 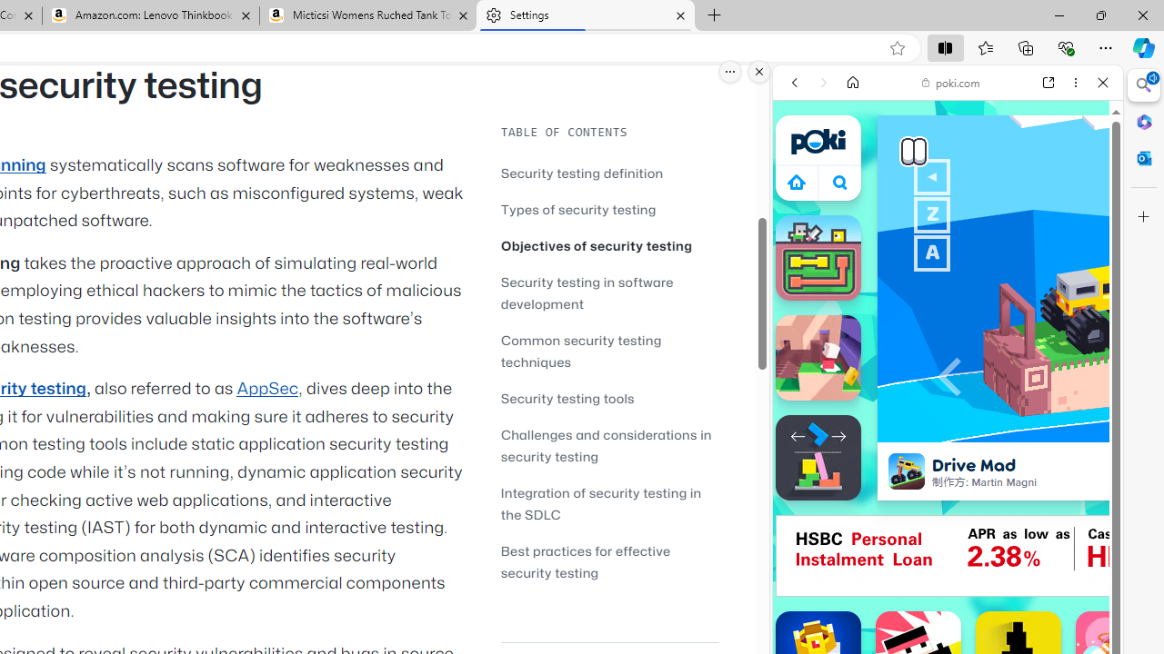 I want to click on 'Security testing tools', so click(x=609, y=397).